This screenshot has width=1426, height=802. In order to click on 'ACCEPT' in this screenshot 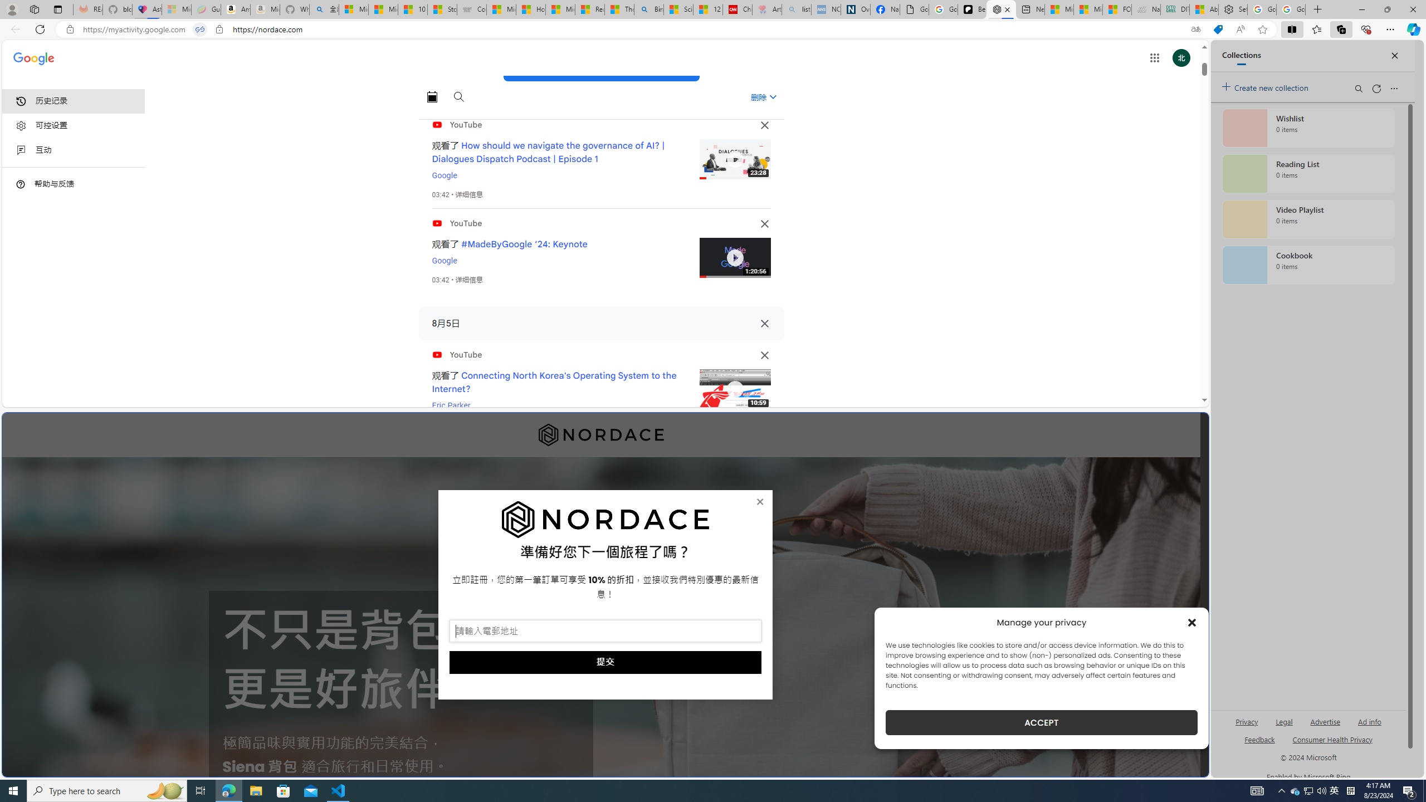, I will do `click(1042, 722)`.